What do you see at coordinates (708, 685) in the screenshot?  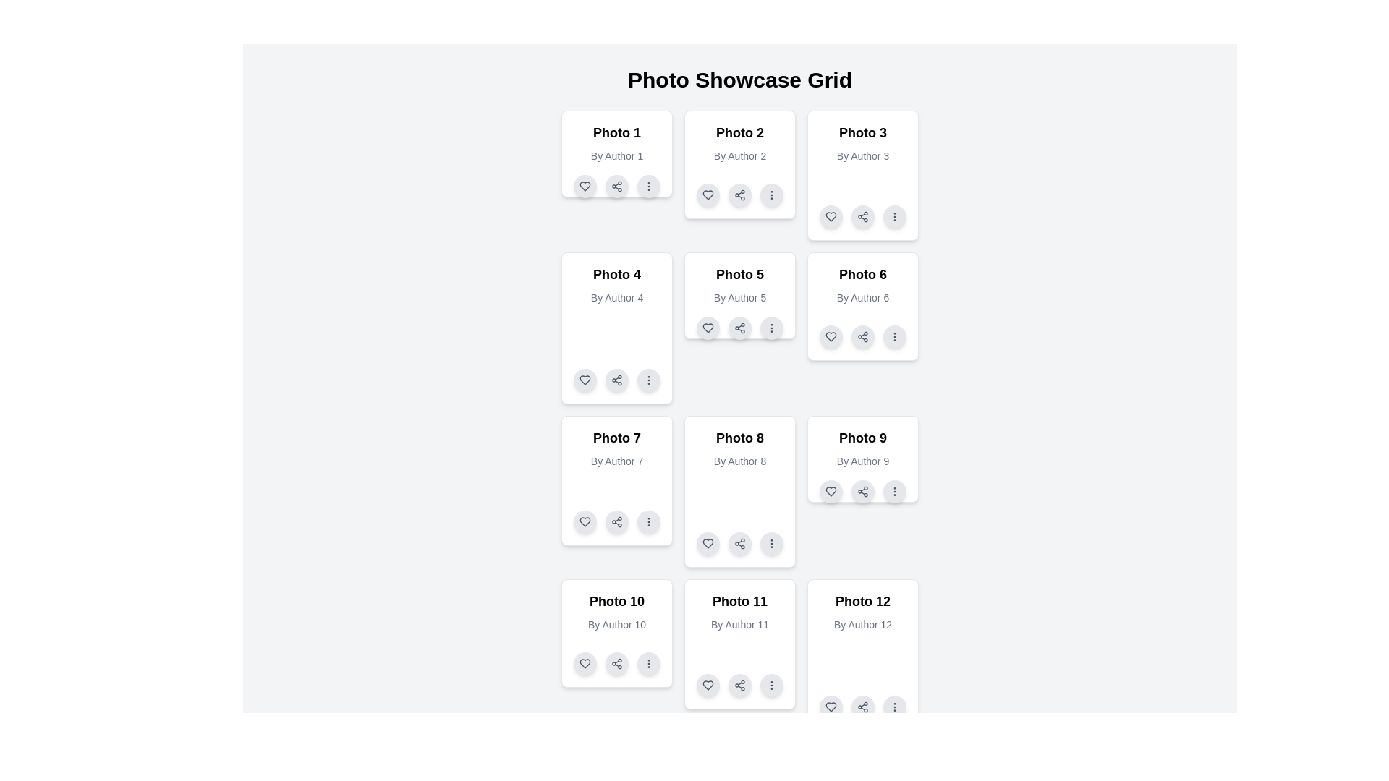 I see `the heart-shaped icon button located at the bottom-left corner of the 'Photo 11' card by 'Author 11'` at bounding box center [708, 685].